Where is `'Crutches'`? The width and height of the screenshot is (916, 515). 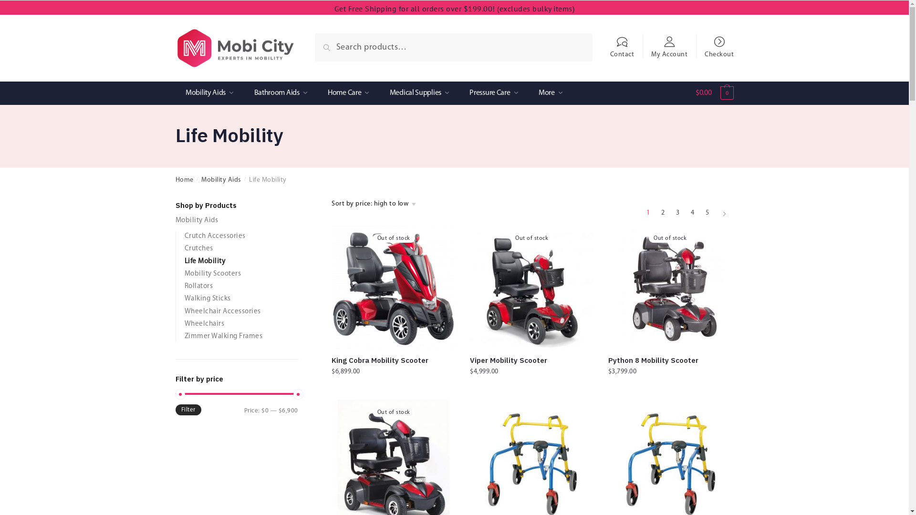
'Crutches' is located at coordinates (184, 248).